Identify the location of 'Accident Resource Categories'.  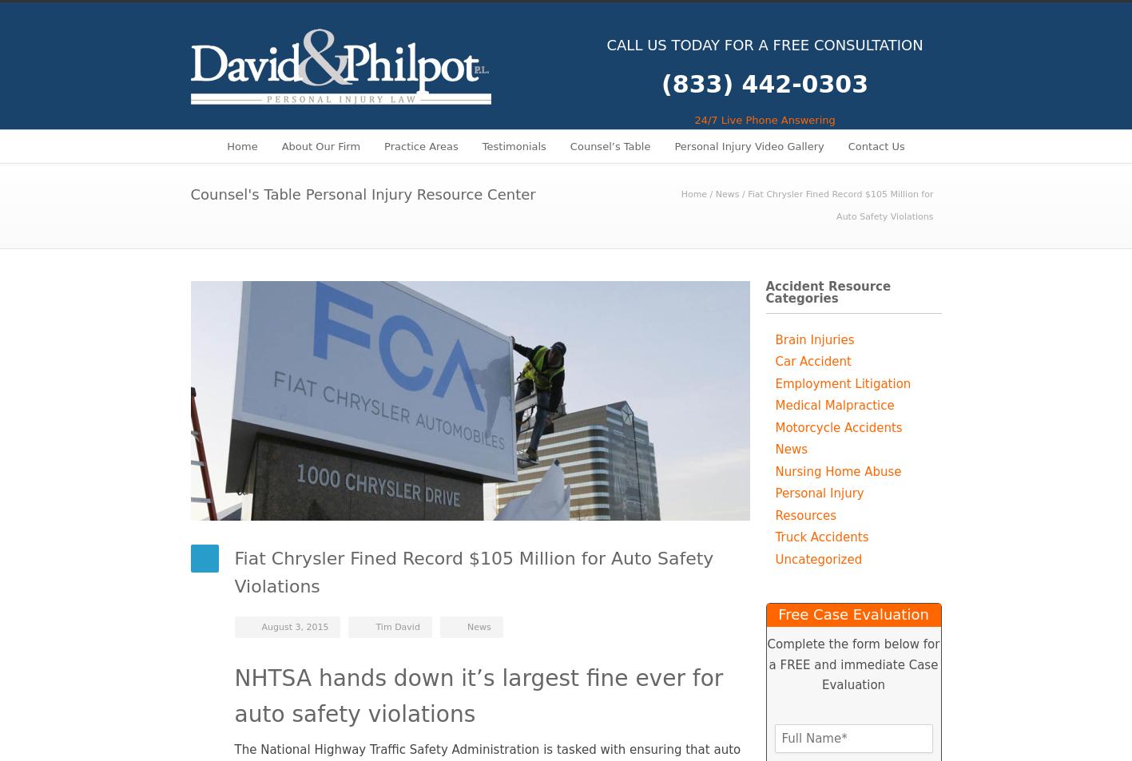
(765, 291).